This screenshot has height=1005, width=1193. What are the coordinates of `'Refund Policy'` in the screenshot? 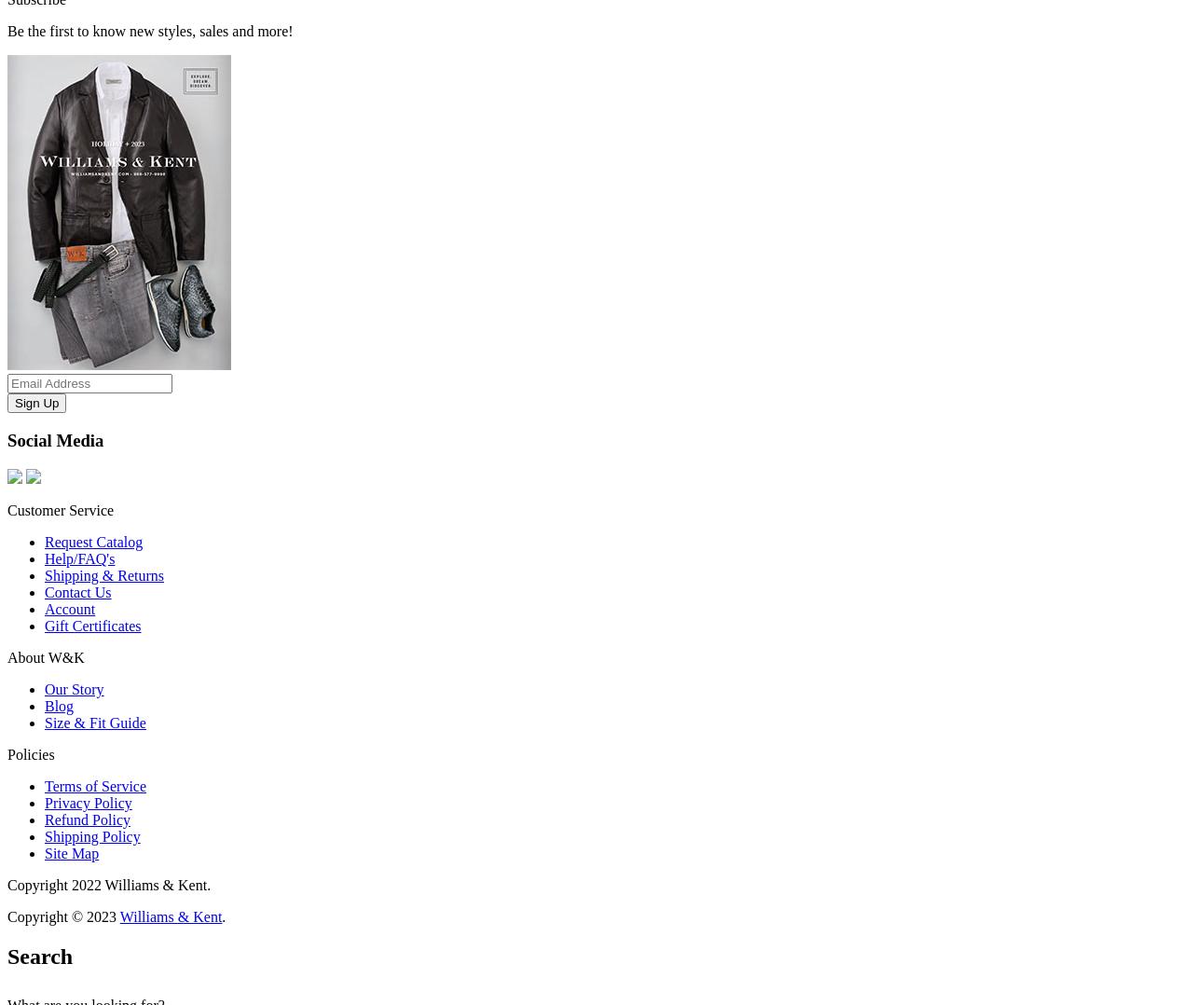 It's located at (86, 818).